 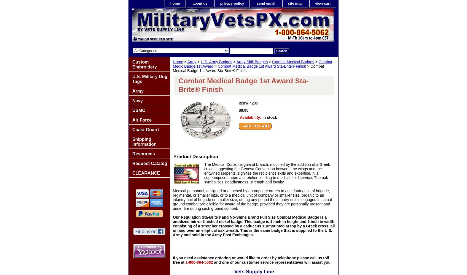 What do you see at coordinates (267, 173) in the screenshot?
I see `'The Medical Corps insignia of branch, modified by the addition of a Greek cross suggesting the Geneva Convention between the wings and the entwined serpents, signifies the recipient's skills and expertise.  It is superimposed upon a stretcher alluding to medical field service.  The oak symbolizes steadfastness, strength and loyalty.'` at bounding box center [267, 173].